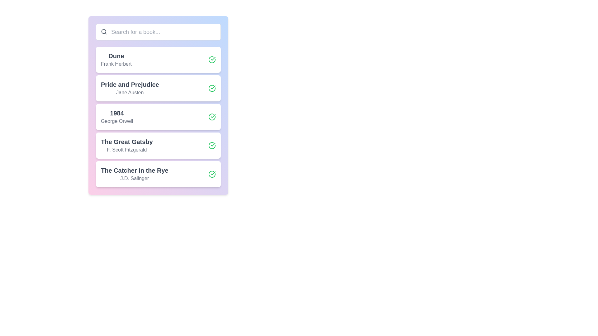 This screenshot has width=598, height=336. I want to click on green checkmark icon which is a part of the larger circular icon on the right side of 'The Catcher in the Rye' list item entry, so click(213, 173).